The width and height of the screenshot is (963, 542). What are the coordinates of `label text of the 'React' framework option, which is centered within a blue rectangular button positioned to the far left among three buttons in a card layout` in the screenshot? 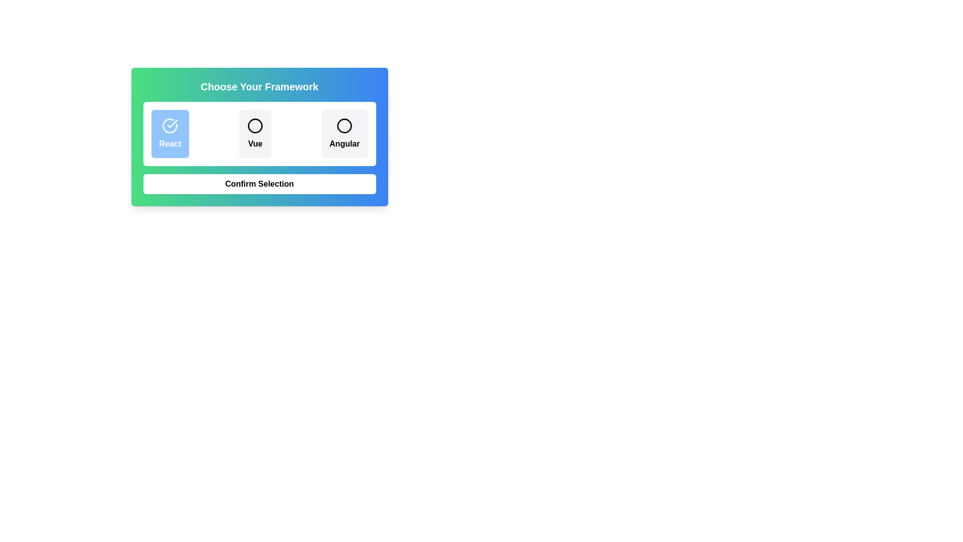 It's located at (170, 144).